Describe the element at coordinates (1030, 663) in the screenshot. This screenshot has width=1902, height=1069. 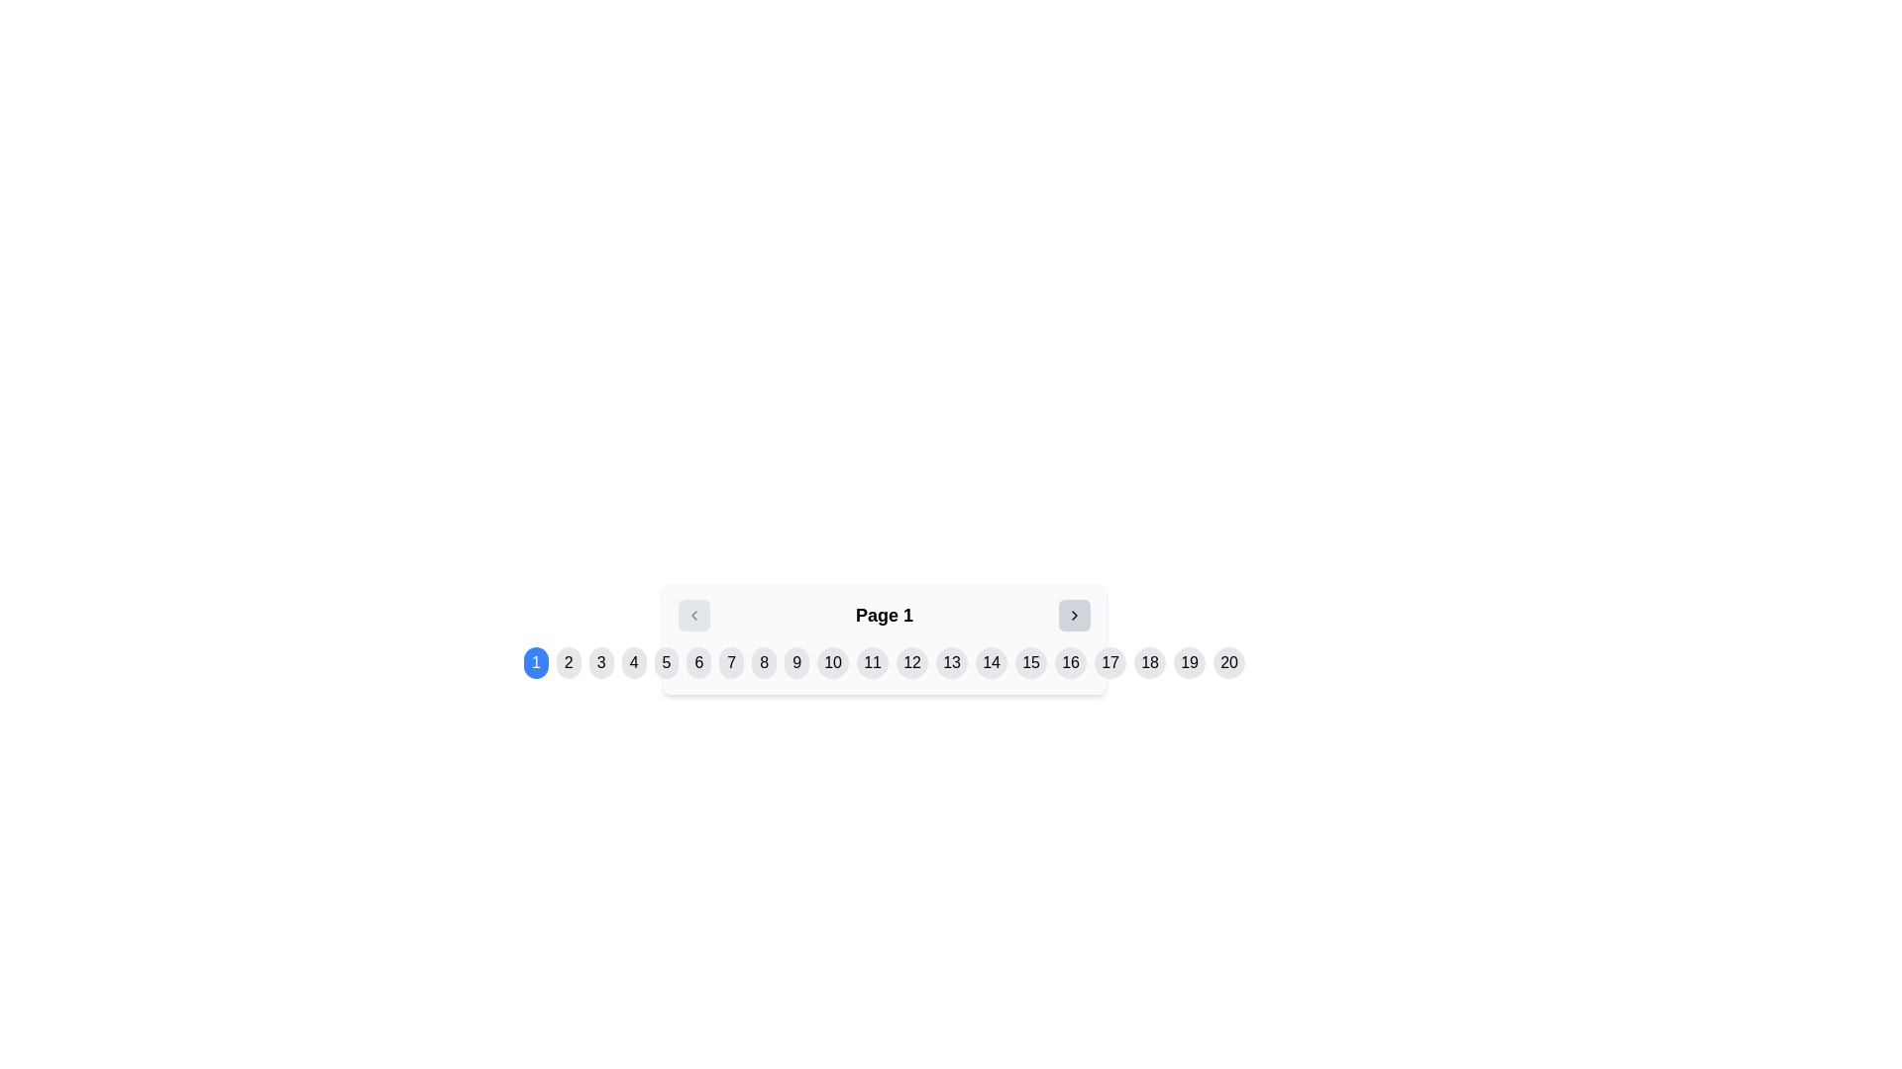
I see `the pagination button that navigates to page 15, located almost at the far-right end of the series of buttons` at that location.